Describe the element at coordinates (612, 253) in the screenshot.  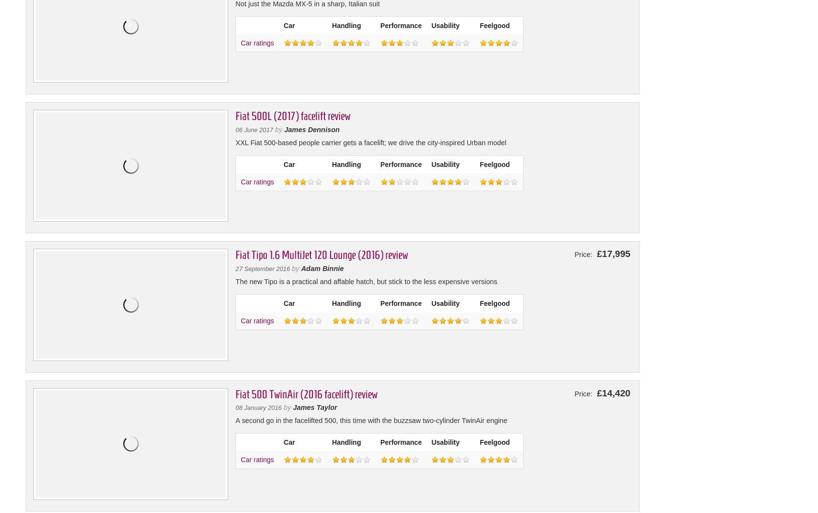
I see `'£17,995'` at that location.